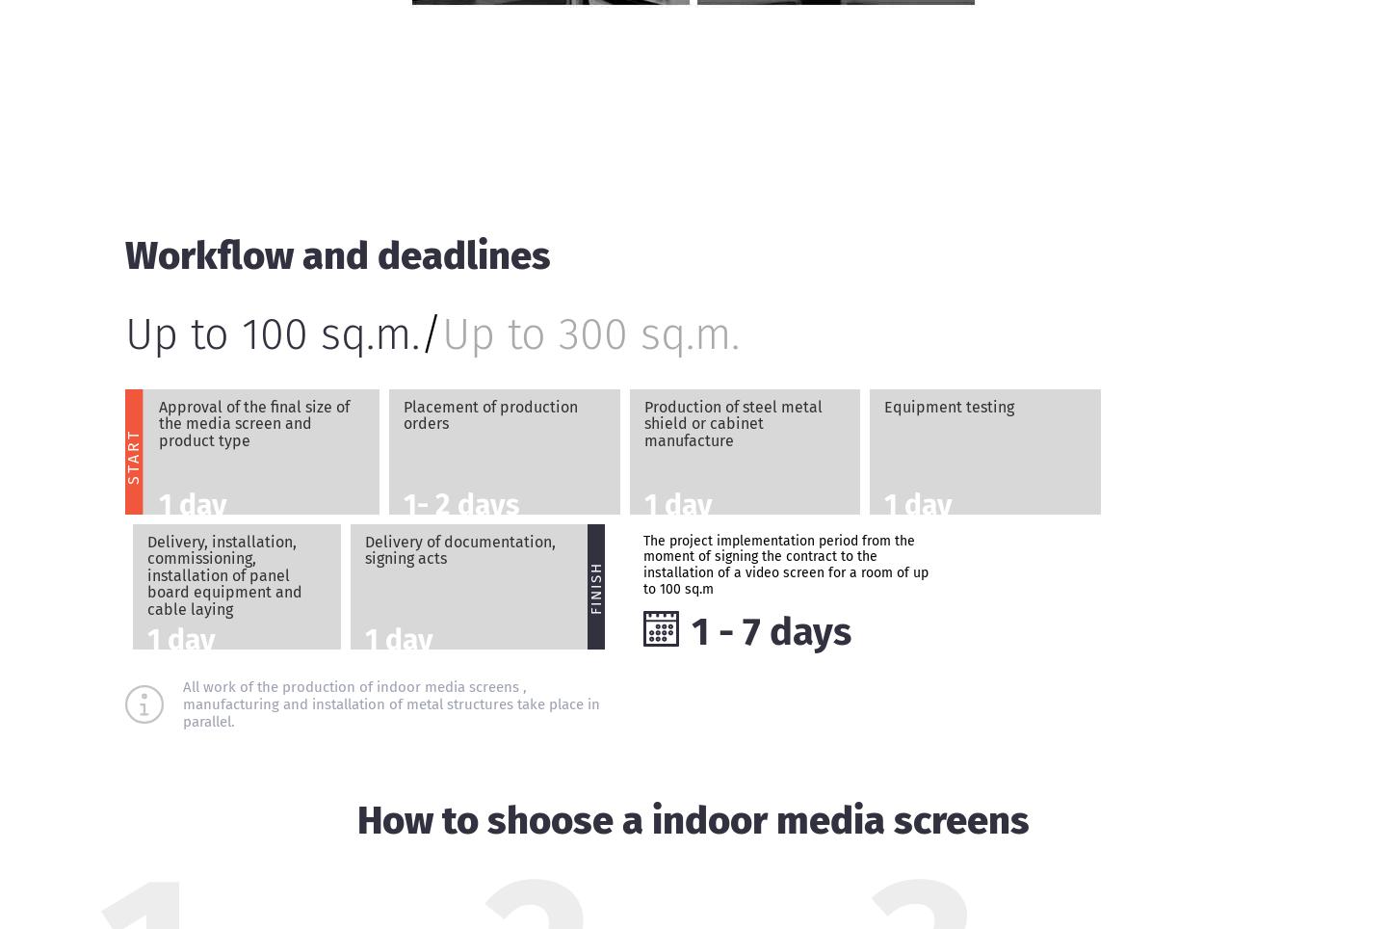 The image size is (1387, 929). What do you see at coordinates (690, 630) in the screenshot?
I see `'1 - 7 days'` at bounding box center [690, 630].